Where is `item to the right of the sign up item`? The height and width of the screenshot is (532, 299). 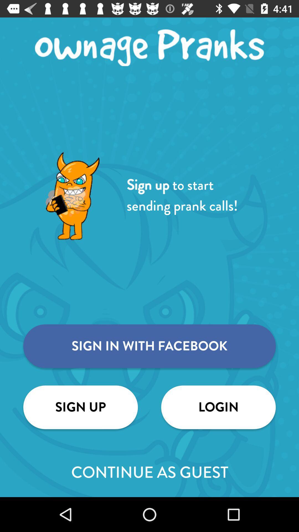 item to the right of the sign up item is located at coordinates (218, 407).